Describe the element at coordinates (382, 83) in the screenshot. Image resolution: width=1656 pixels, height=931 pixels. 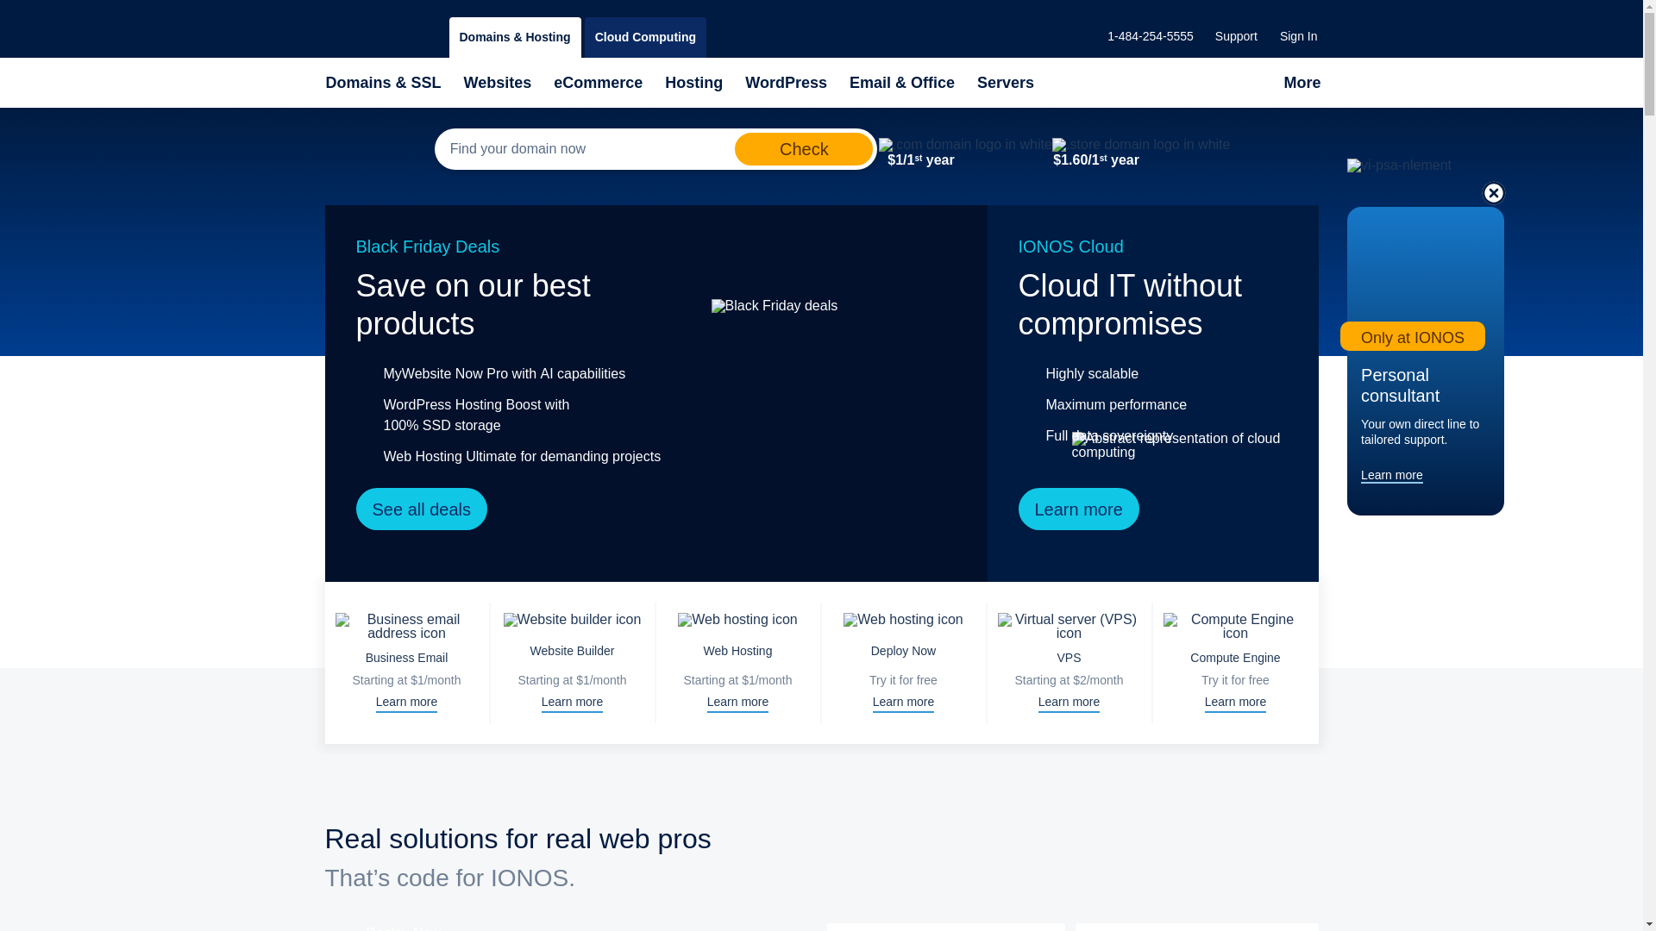
I see `'Domains & SSL'` at that location.